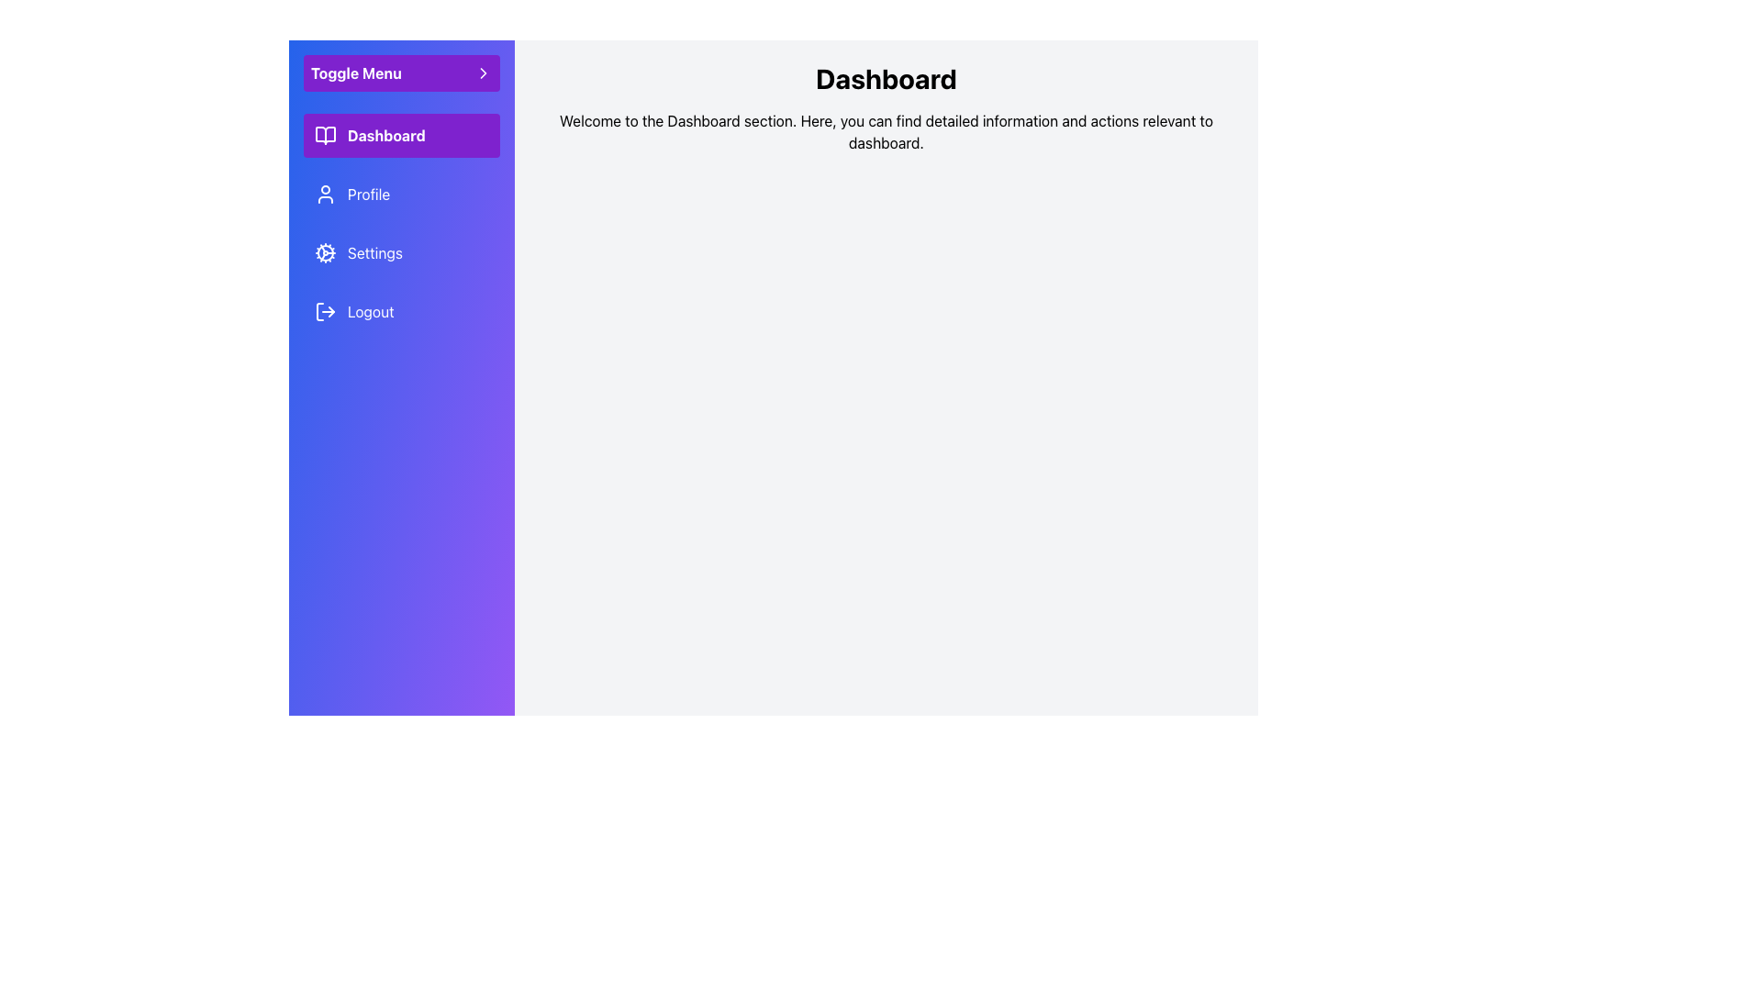  Describe the element at coordinates (326, 310) in the screenshot. I see `the logout icon, which is a small icon consisting of an arrow pointing to the right and a partial rectangle, located to the left of the text 'Logout' in the bottom section of the vertical sidebar` at that location.